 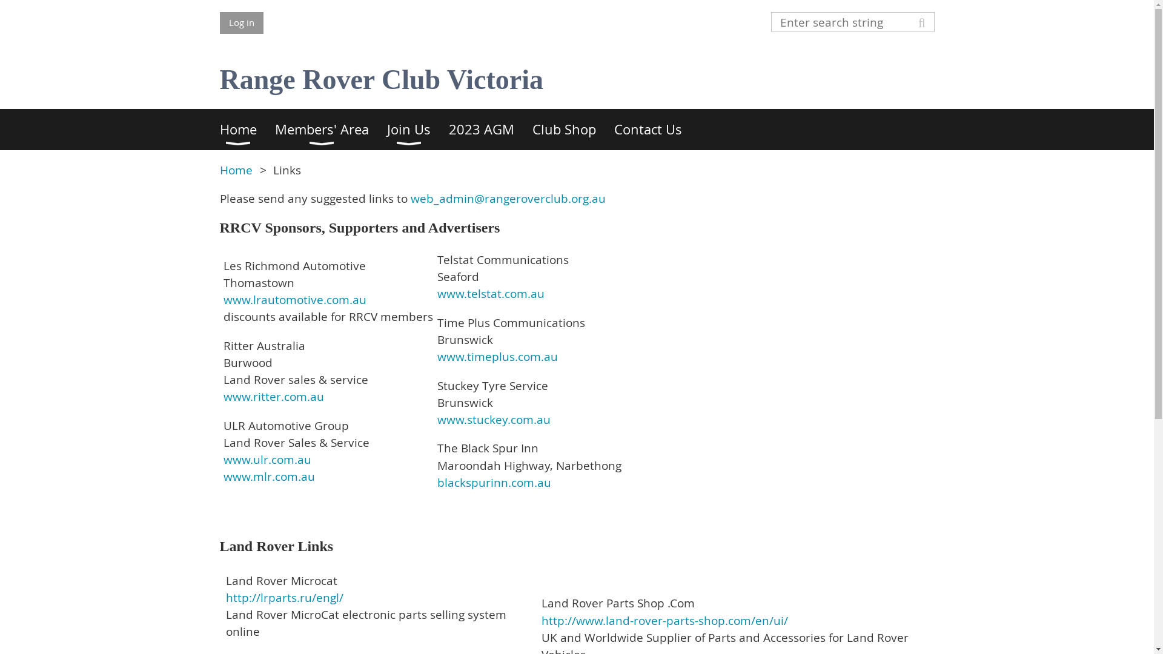 I want to click on 'Club Shop', so click(x=532, y=129).